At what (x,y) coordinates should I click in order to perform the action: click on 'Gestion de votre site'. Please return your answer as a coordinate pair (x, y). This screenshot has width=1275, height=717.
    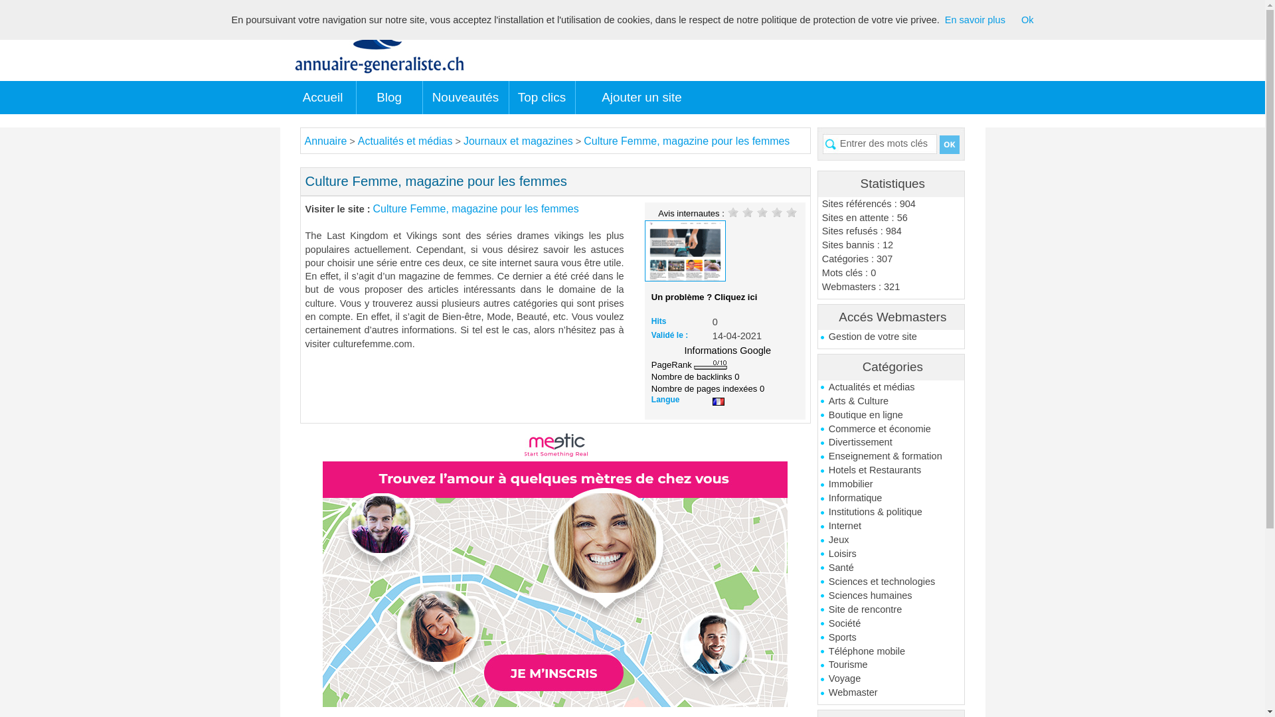
    Looking at the image, I should click on (891, 336).